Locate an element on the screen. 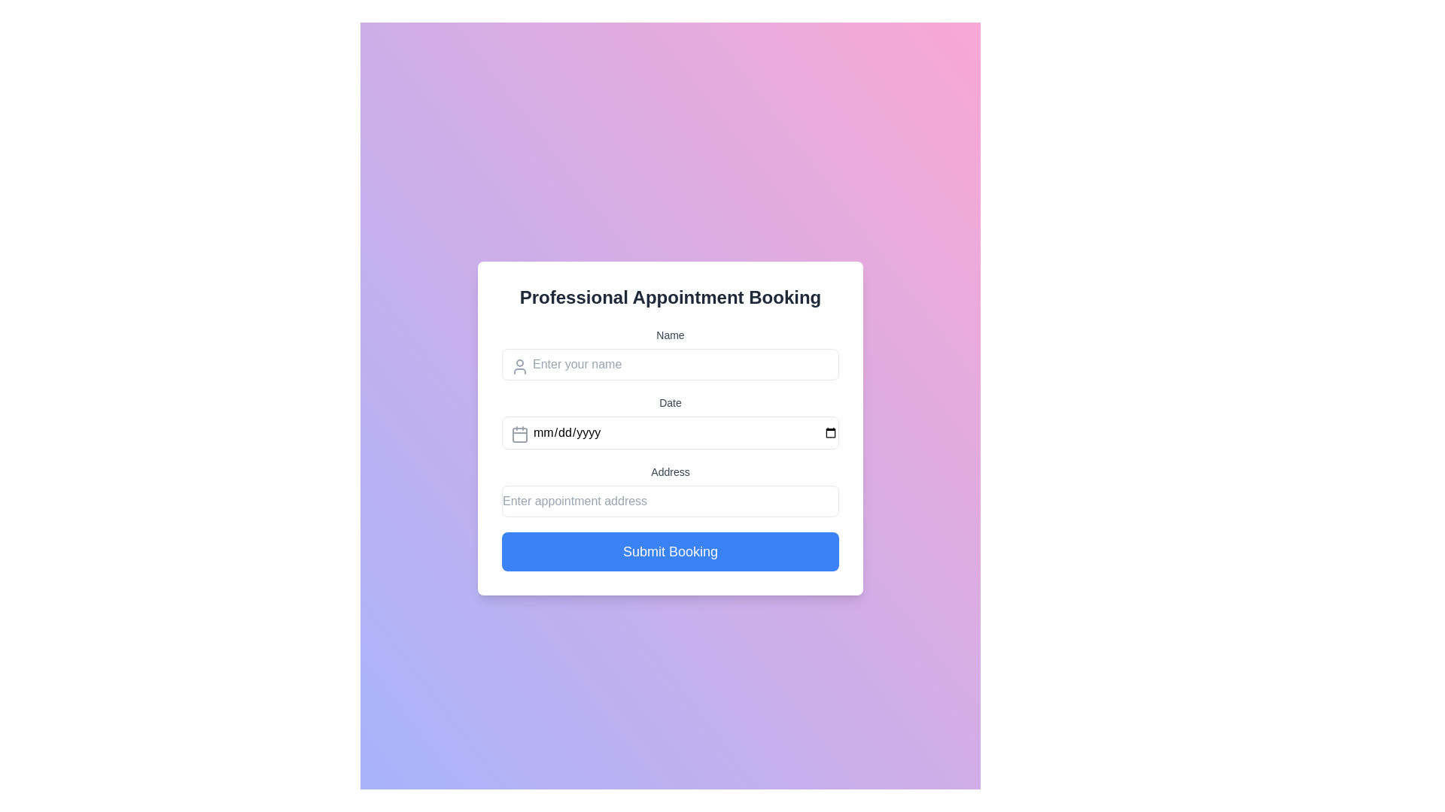 The height and width of the screenshot is (812, 1445). the text label indicating the user's name input field, which is located at the top section of the form and is centered above the input box is located at coordinates (670, 335).